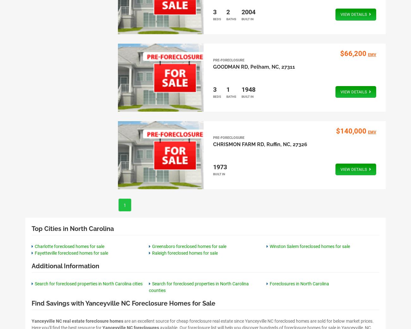  I want to click on 'Top Cities in North Carolina', so click(72, 228).